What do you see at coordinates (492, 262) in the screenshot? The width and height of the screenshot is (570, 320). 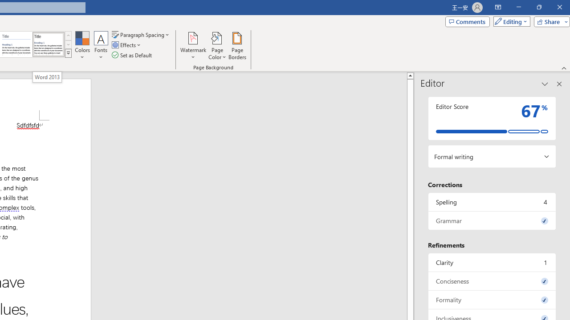 I see `'Clarity, 1 issue. Press space or enter to review items.'` at bounding box center [492, 262].